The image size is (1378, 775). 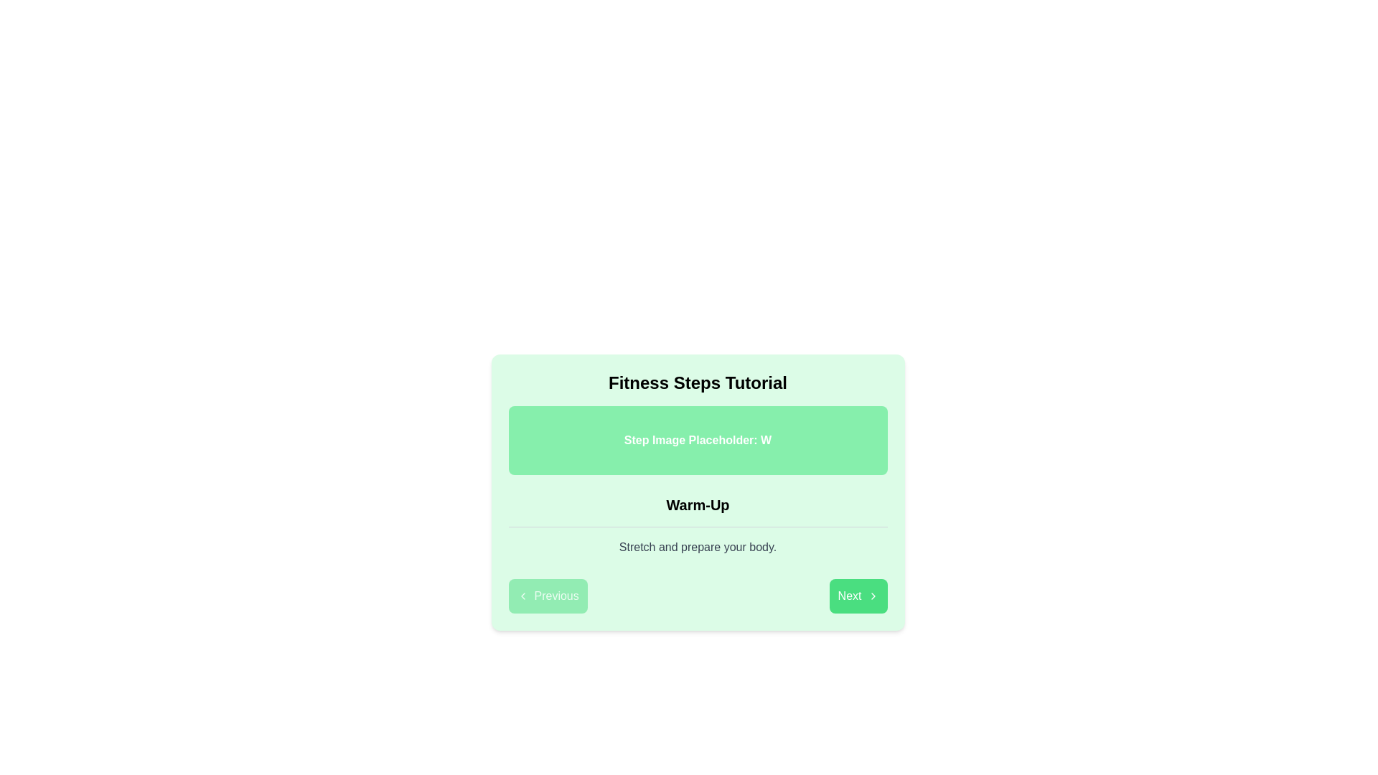 I want to click on the green rectangular placeholder, so click(x=698, y=439).